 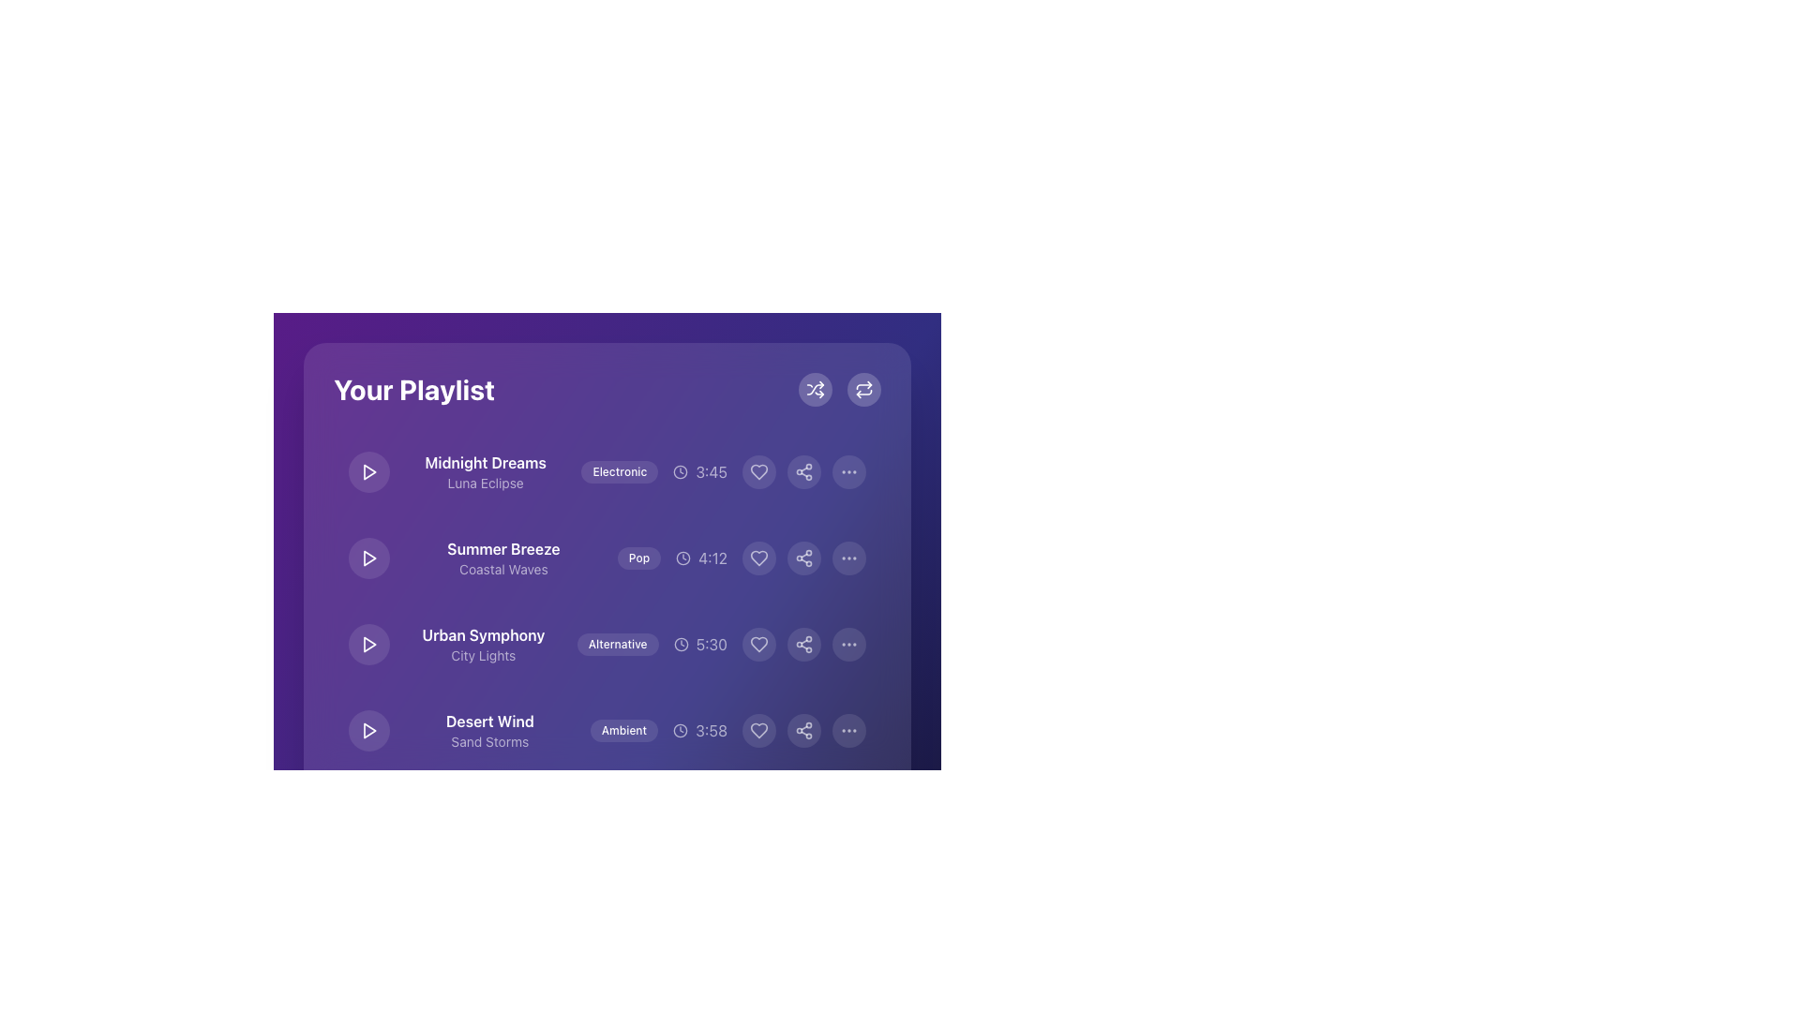 What do you see at coordinates (862, 389) in the screenshot?
I see `the circular button with a white overlay and loop icon located in the top-right corner of the playlist interface to activate the hover effect` at bounding box center [862, 389].